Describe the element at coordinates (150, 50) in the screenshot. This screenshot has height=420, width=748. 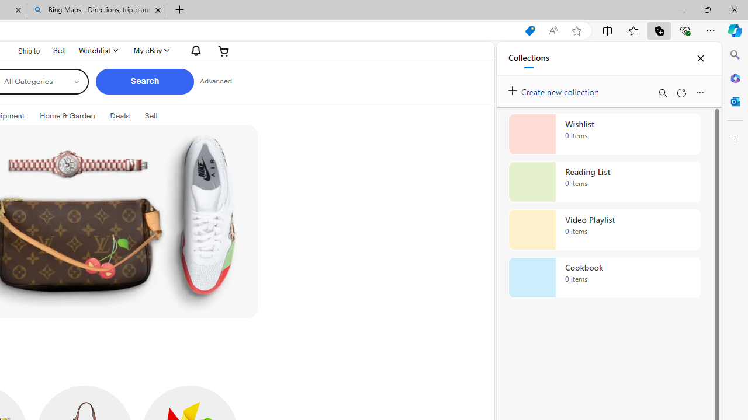
I see `'My eBayExpand My eBay'` at that location.